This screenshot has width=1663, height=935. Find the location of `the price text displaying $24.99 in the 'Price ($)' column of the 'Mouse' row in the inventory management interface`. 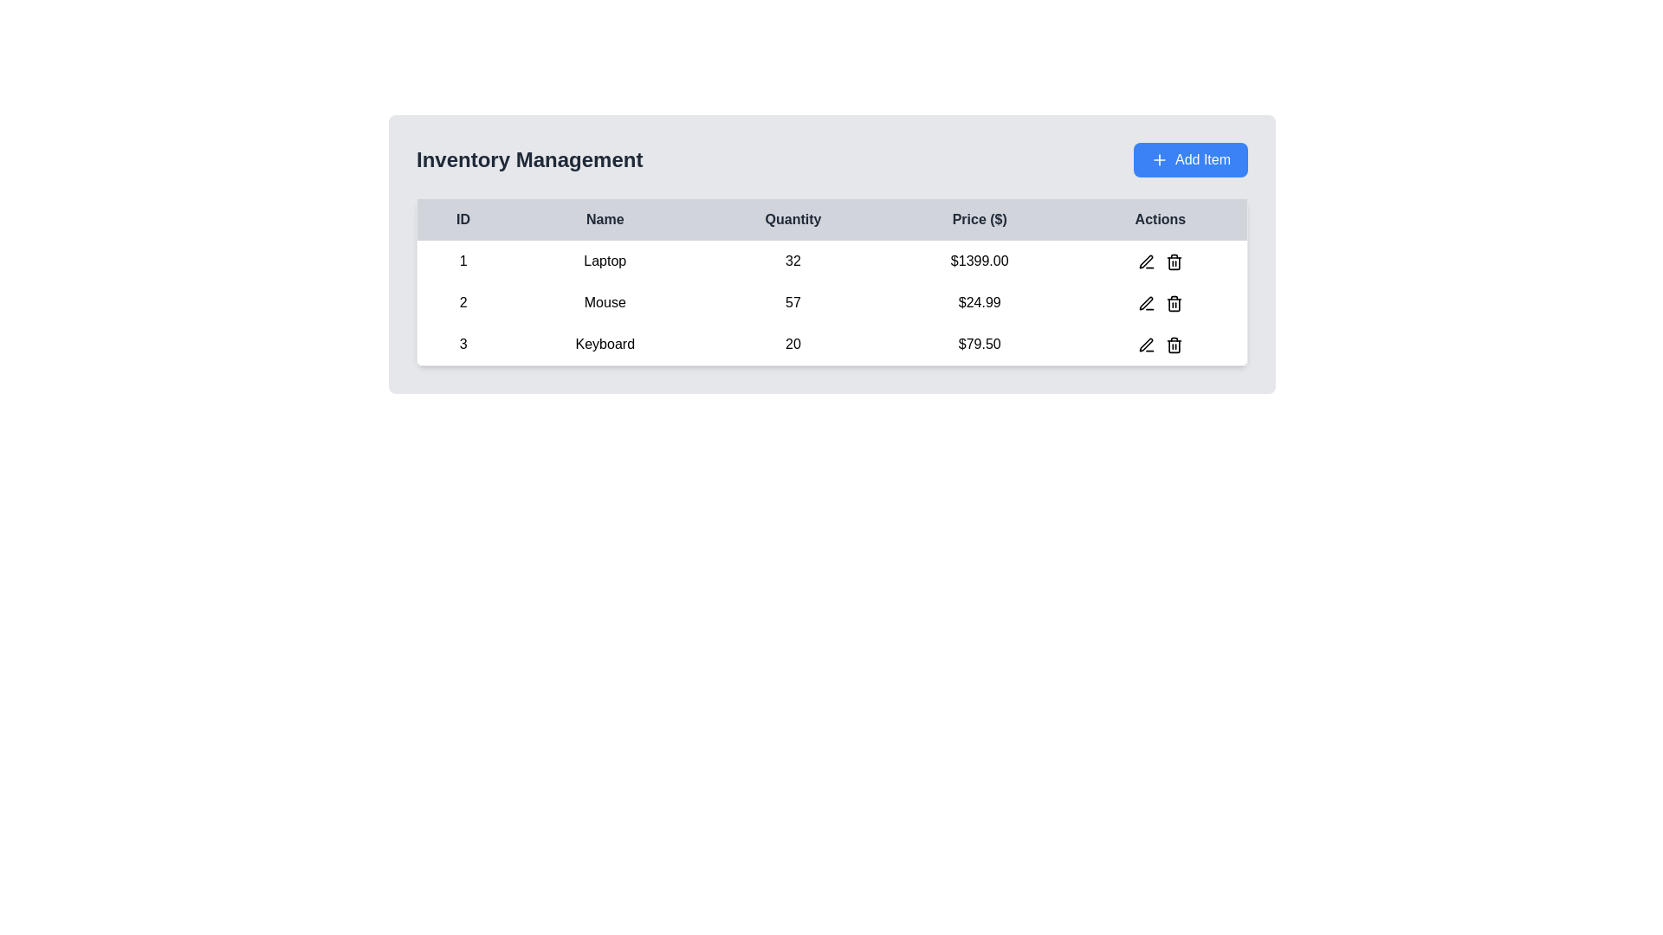

the price text displaying $24.99 in the 'Price ($)' column of the 'Mouse' row in the inventory management interface is located at coordinates (980, 302).